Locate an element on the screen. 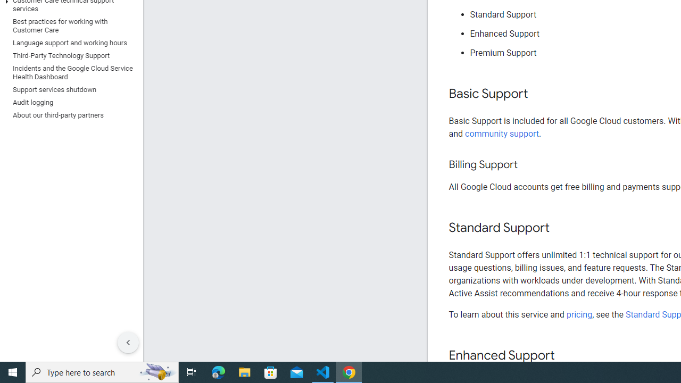 The height and width of the screenshot is (383, 681). 'Copy link to this section: Basic Support' is located at coordinates (538, 94).